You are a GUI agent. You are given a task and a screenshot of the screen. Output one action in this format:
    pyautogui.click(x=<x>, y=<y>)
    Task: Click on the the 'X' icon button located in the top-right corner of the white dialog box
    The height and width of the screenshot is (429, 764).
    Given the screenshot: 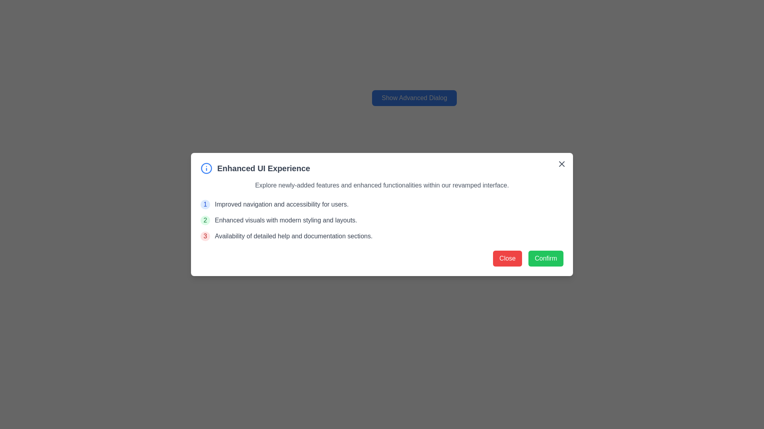 What is the action you would take?
    pyautogui.click(x=561, y=163)
    